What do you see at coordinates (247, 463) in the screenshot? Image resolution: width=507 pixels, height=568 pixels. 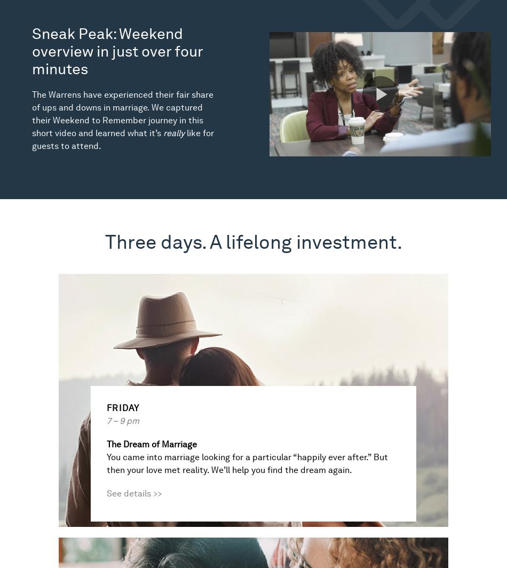 I see `'You came into marriage looking for a particular “happily ever after.” But then your love met reality. We’ll help you find the dream again.'` at bounding box center [247, 463].